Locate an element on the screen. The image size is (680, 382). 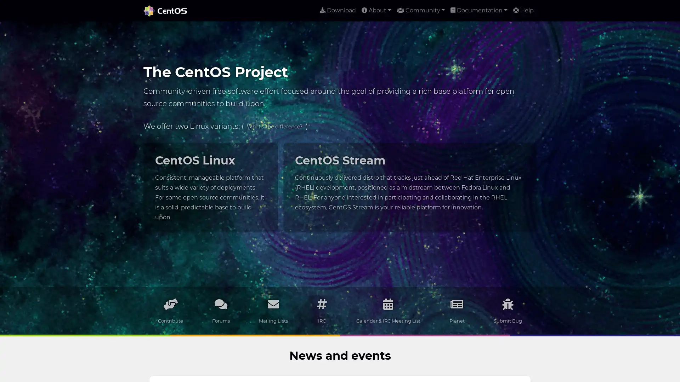
Contribute is located at coordinates (170, 310).